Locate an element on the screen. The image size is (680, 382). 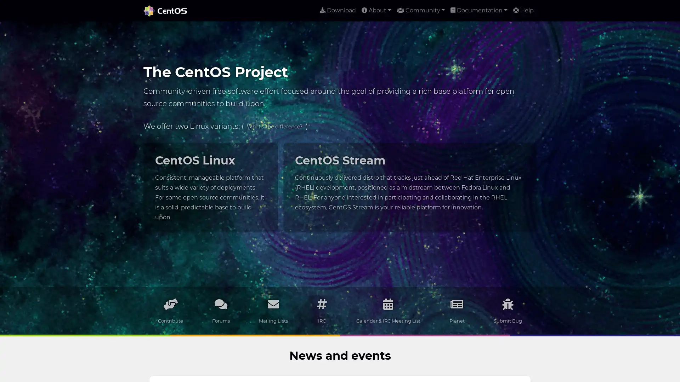
Contribute is located at coordinates (170, 310).